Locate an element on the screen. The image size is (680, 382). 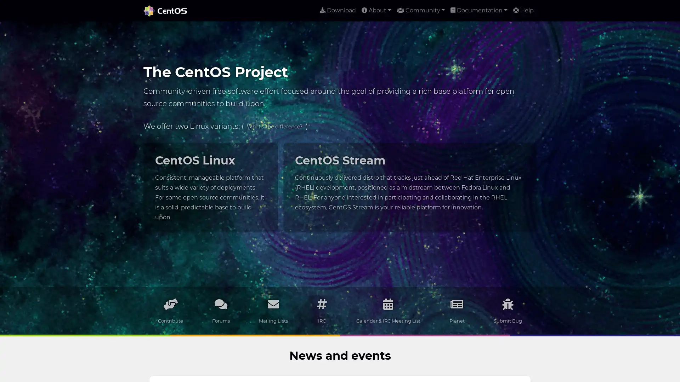
Contribute is located at coordinates (170, 310).